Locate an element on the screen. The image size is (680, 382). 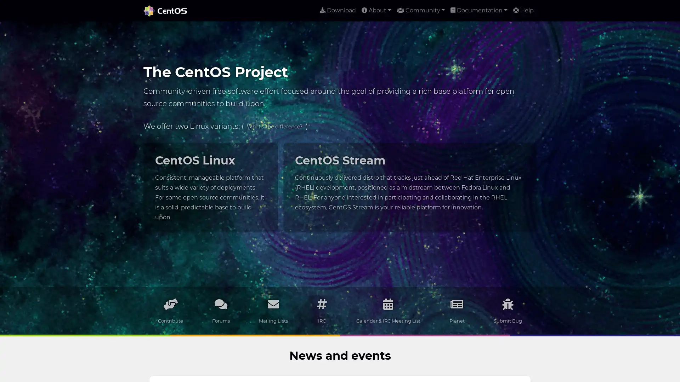
Contribute is located at coordinates (170, 310).